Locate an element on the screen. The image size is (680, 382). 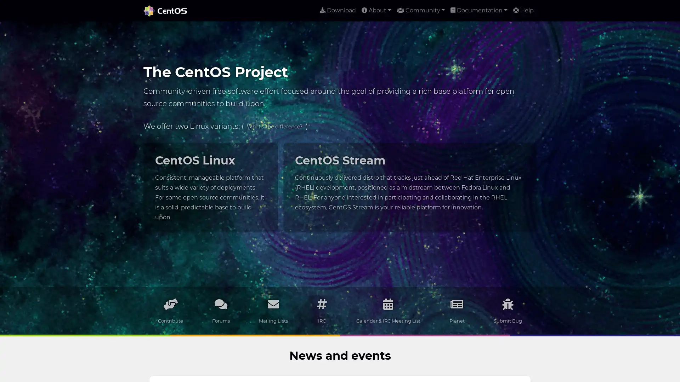
Contribute is located at coordinates (170, 310).